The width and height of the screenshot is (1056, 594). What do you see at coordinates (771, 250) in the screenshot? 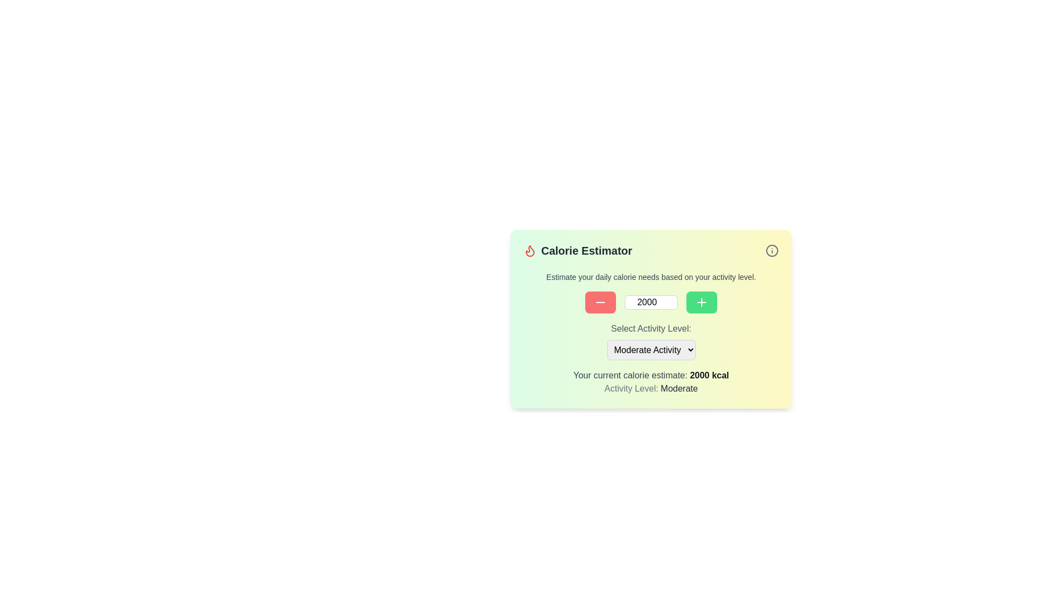
I see `the Information/Help icon located on the far right within the header area of the 'Calorie Estimator' section` at bounding box center [771, 250].